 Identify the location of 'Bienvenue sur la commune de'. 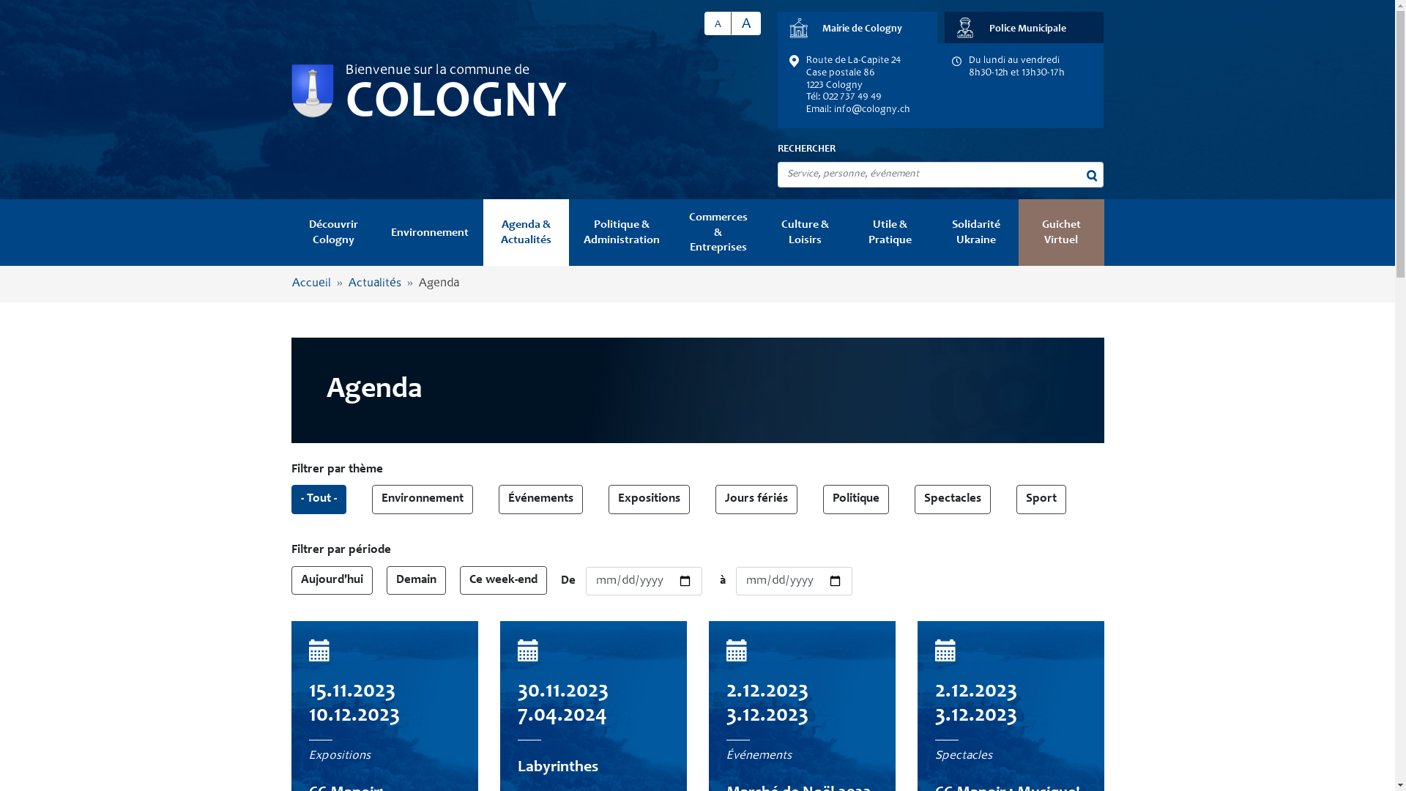
(344, 70).